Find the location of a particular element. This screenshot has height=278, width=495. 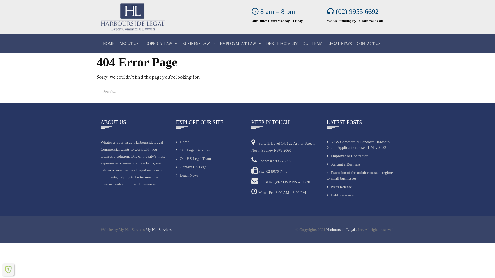

'OUR TEAM' is located at coordinates (312, 43).